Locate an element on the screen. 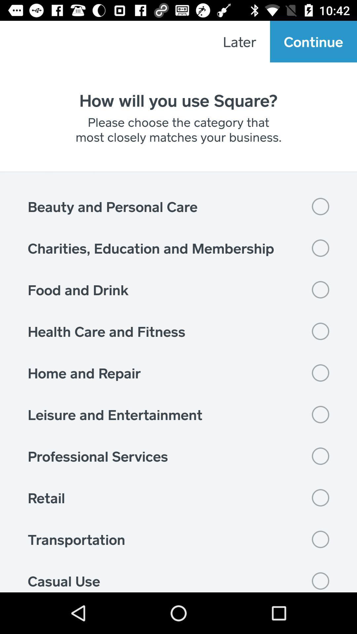  retail item is located at coordinates (178, 498).